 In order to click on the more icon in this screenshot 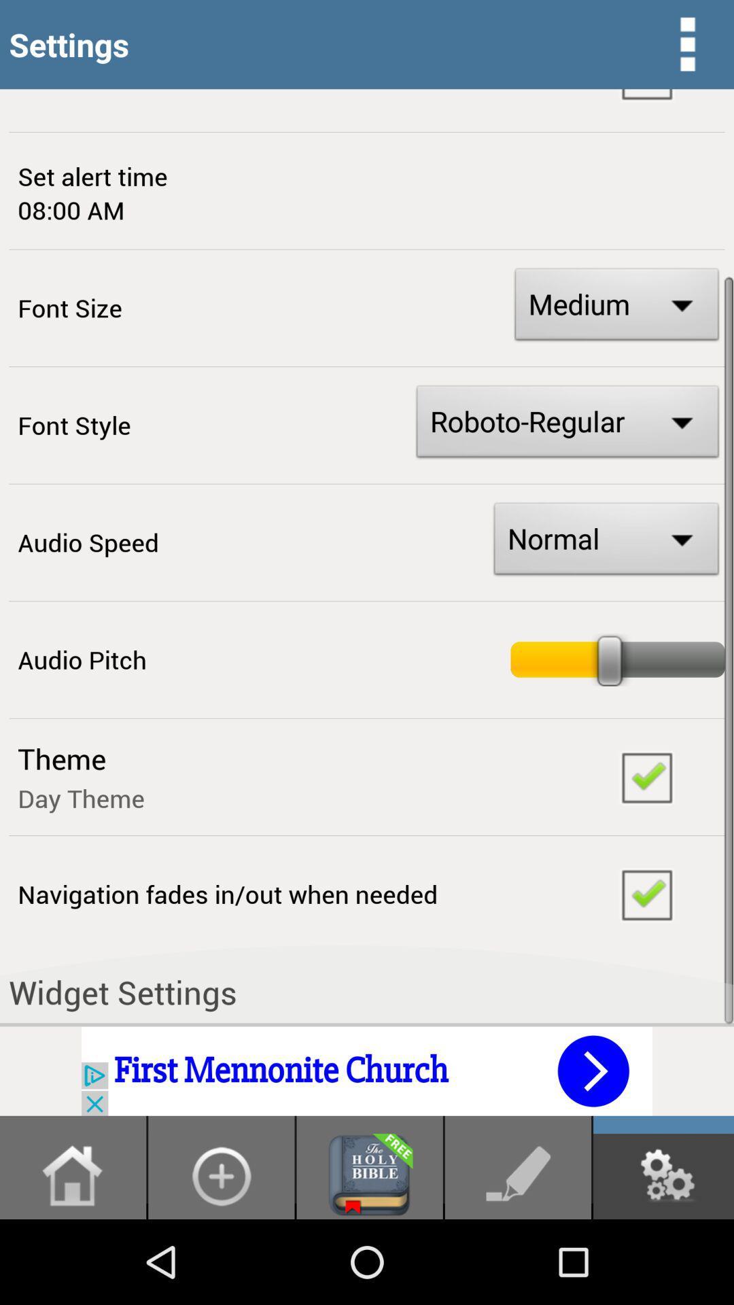, I will do `click(687, 47)`.